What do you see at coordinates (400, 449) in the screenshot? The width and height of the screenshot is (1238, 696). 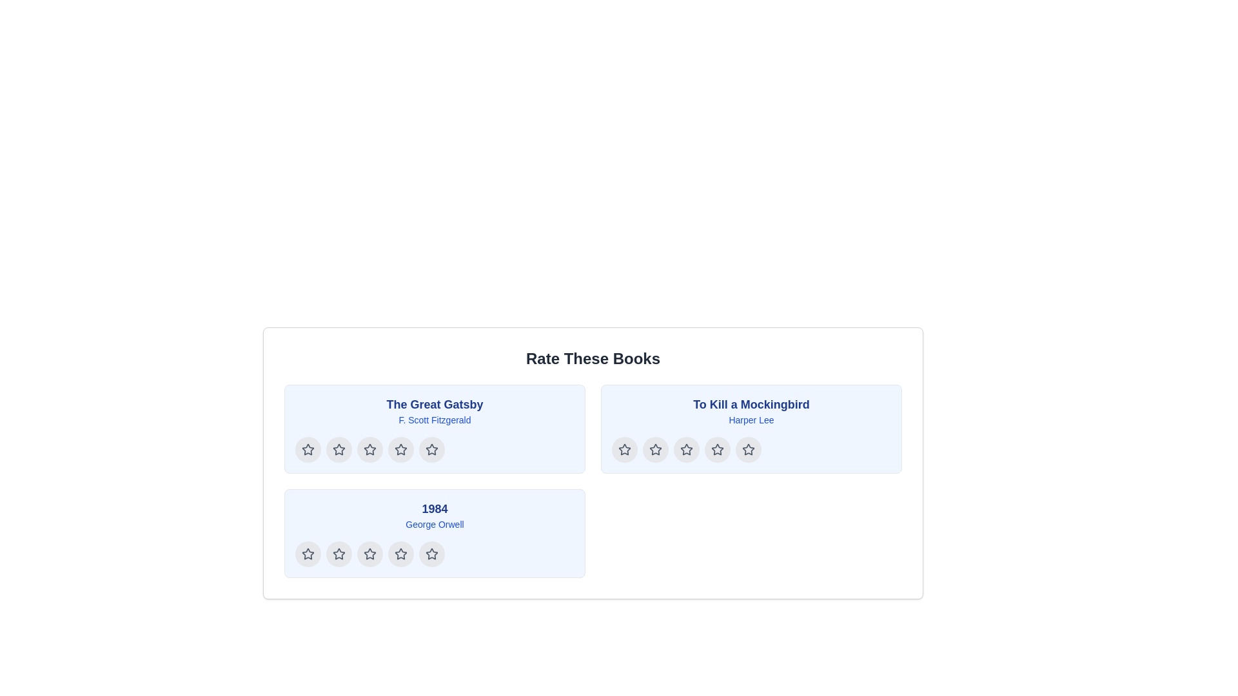 I see `the fourth star button in the rating scale for 'The Great Gatsby' to rate the item` at bounding box center [400, 449].